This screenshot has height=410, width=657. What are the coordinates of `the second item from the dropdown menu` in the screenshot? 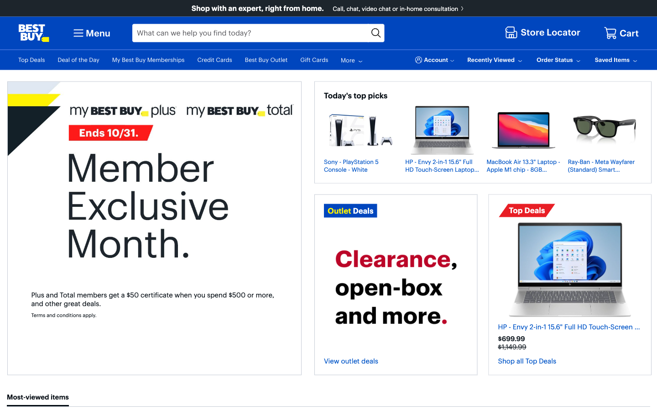 It's located at (91, 32).